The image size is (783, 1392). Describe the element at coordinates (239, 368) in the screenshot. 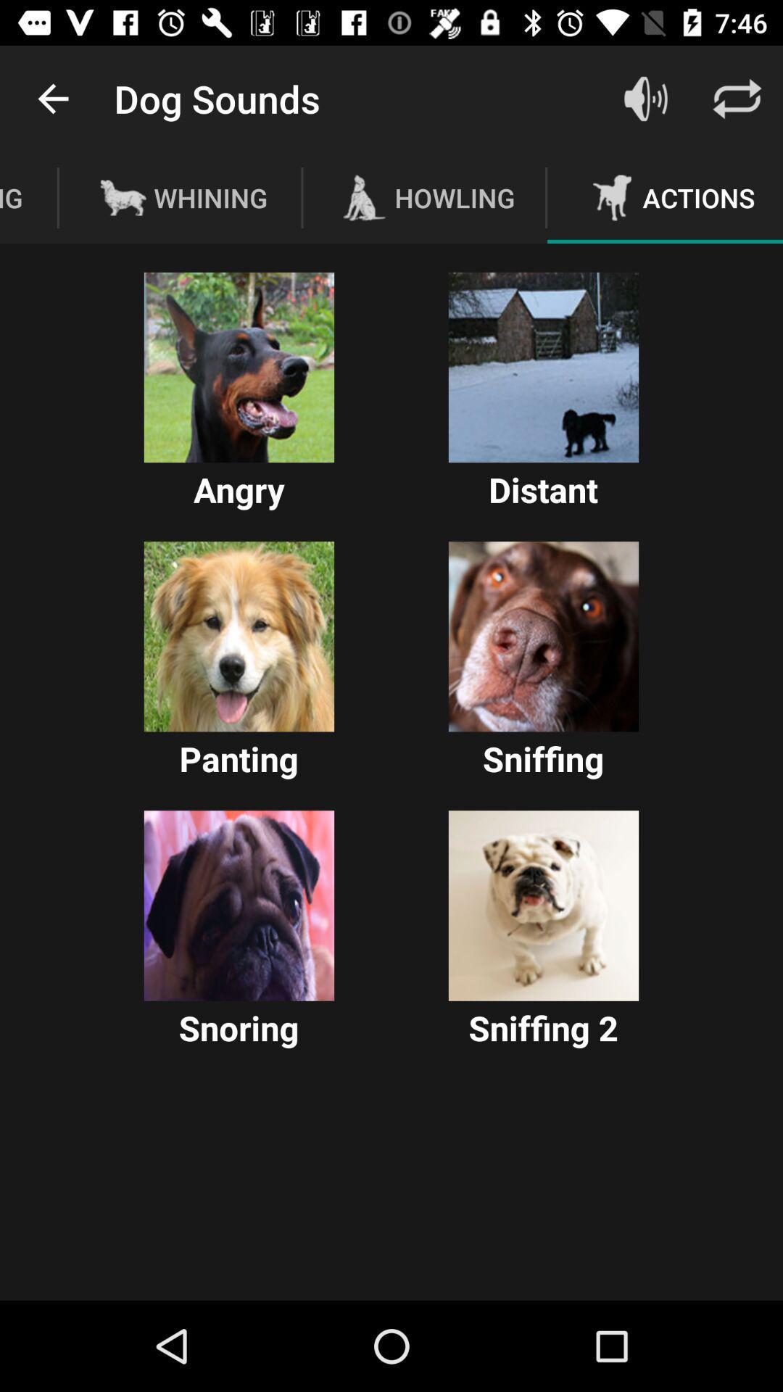

I see `sound` at that location.